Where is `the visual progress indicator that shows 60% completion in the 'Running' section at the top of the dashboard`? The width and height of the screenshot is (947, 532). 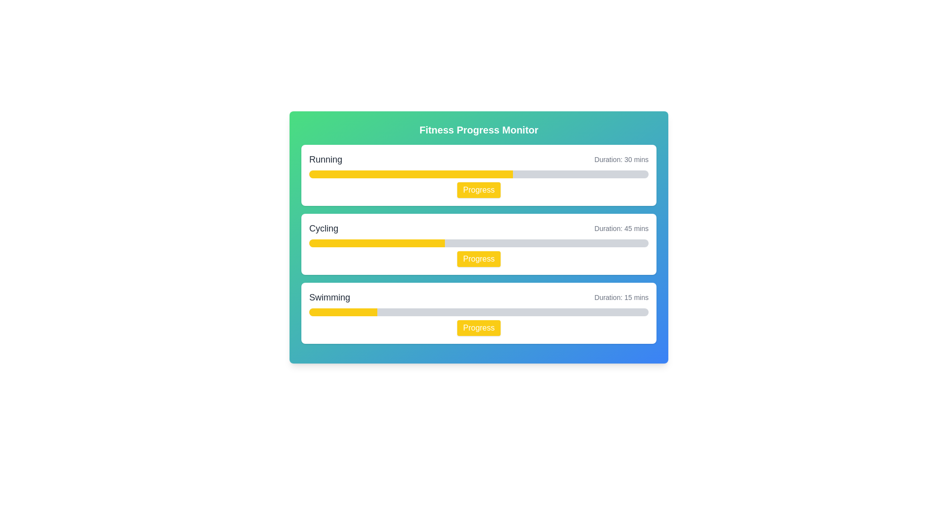 the visual progress indicator that shows 60% completion in the 'Running' section at the top of the dashboard is located at coordinates (411, 174).